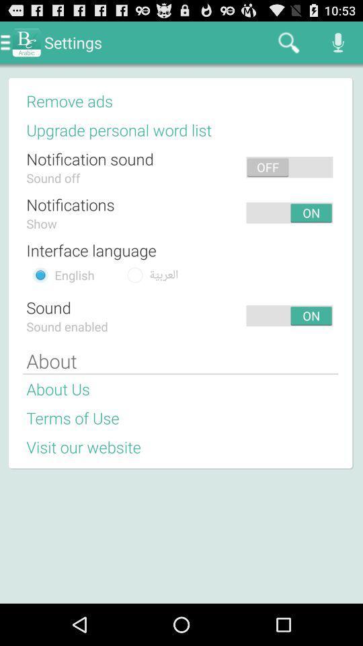 This screenshot has width=363, height=646. I want to click on the app next to the remove ads item, so click(227, 100).